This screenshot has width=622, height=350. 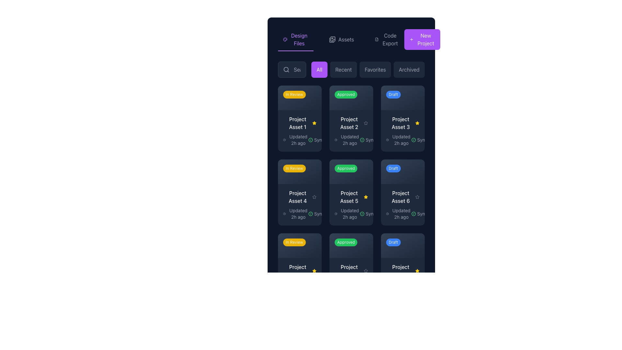 What do you see at coordinates (409, 70) in the screenshot?
I see `the 'Archived' button, which is the fourth button in a horizontal group near the top-center of the interface` at bounding box center [409, 70].